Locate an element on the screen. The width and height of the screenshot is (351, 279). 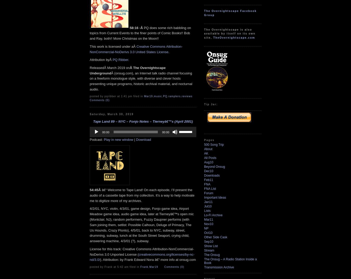
'The Onsug' is located at coordinates (212, 255).